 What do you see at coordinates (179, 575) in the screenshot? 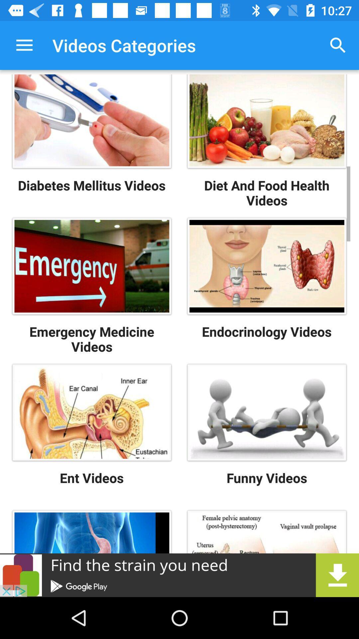
I see `open advertisement` at bounding box center [179, 575].